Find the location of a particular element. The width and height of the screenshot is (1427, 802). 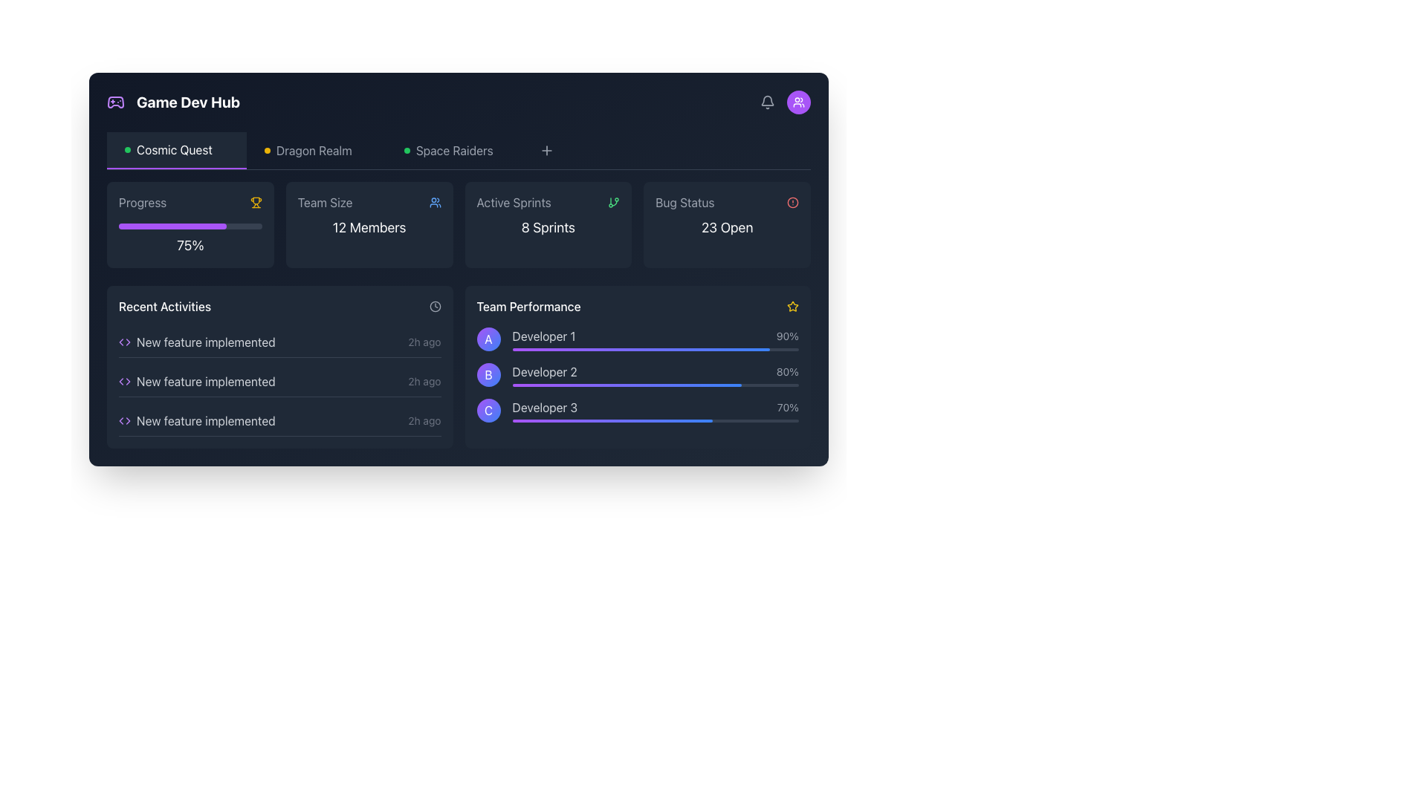

the icon located in the 'Active Sprints' panel, which is positioned to the right of the text '8 Sprints', for indicative information is located at coordinates (614, 203).